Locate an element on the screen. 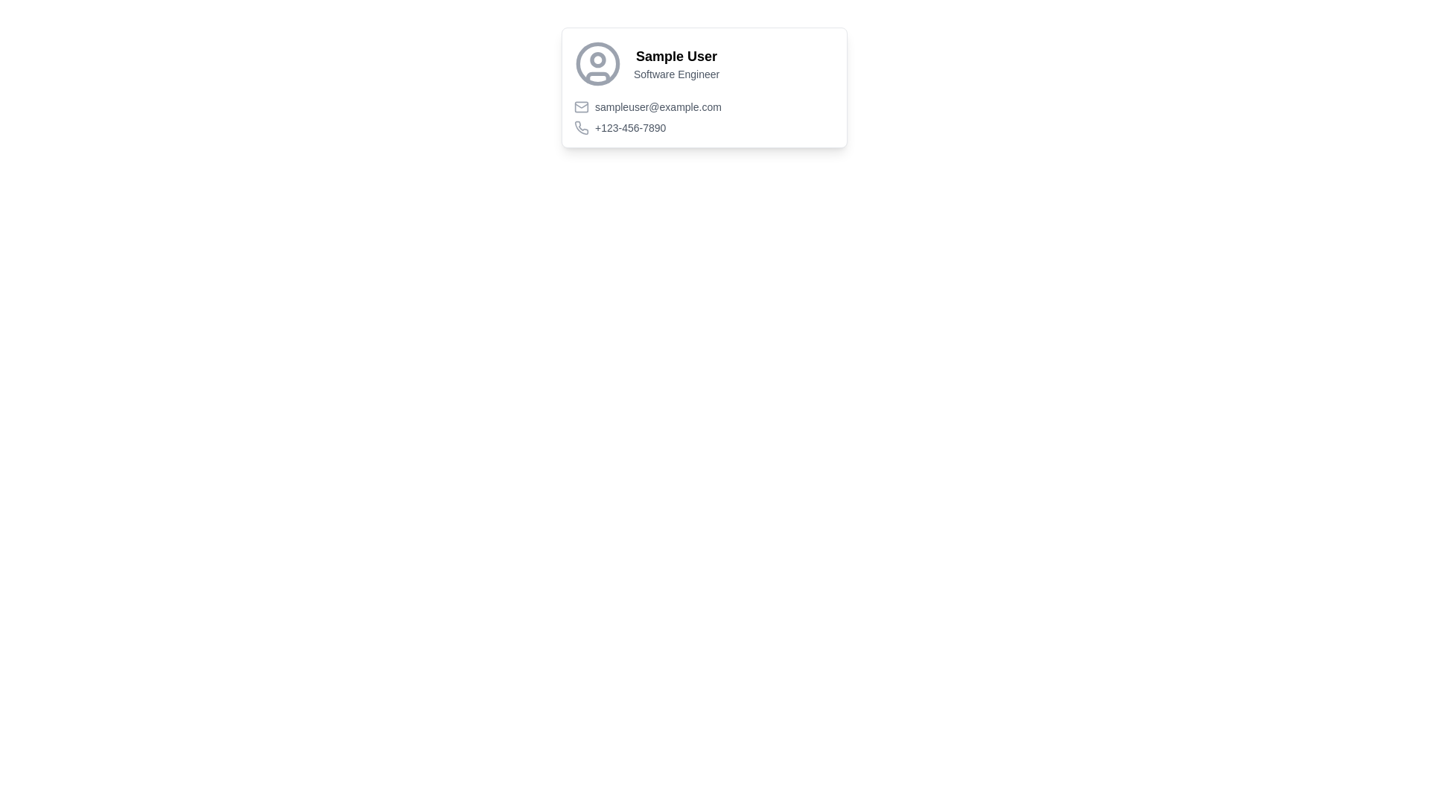 The width and height of the screenshot is (1430, 804). the bold text label displaying the name 'Sample User', which is positioned at the top-left section of a card-like UI component, above the subtitle 'Software Engineer' is located at coordinates (676, 56).